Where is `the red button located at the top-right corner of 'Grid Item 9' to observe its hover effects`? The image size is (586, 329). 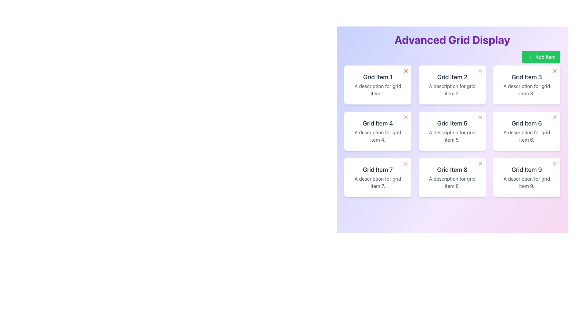
the red button located at the top-right corner of 'Grid Item 9' to observe its hover effects is located at coordinates (555, 163).